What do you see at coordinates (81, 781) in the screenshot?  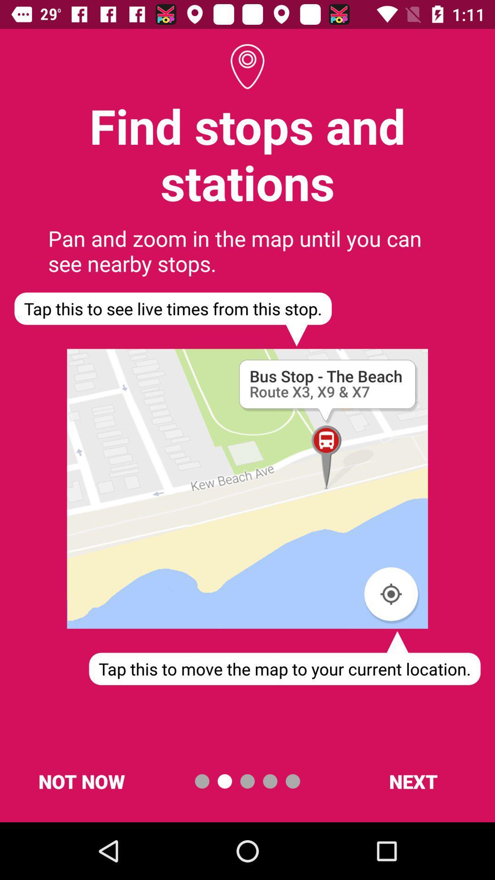 I see `item below the tap this to item` at bounding box center [81, 781].